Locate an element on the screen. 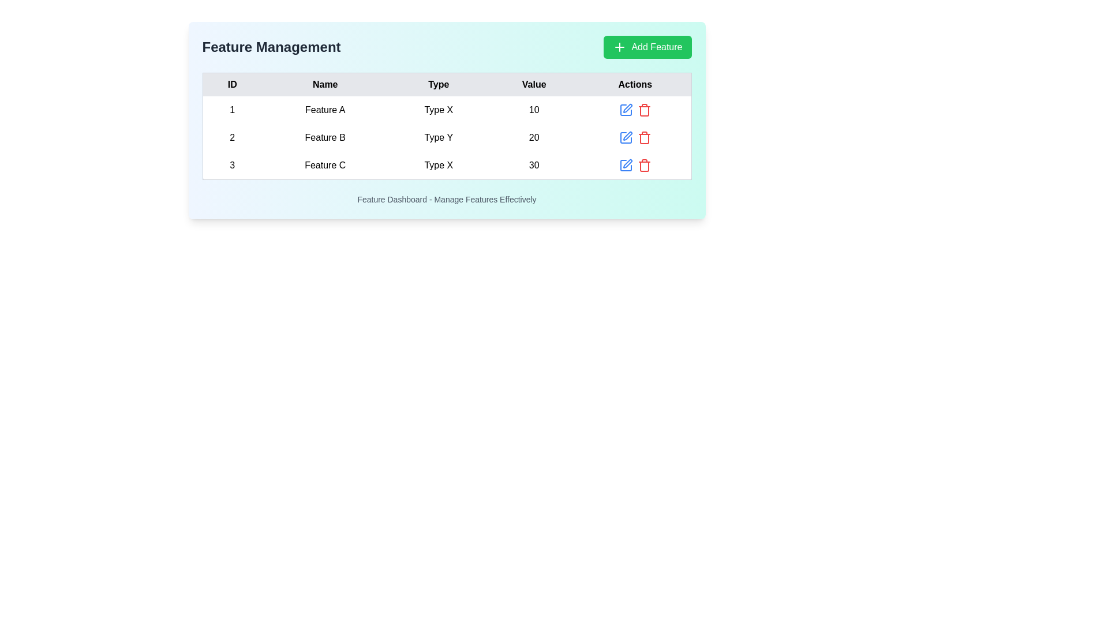 The height and width of the screenshot is (623, 1108). the numeric value '20' in the 'Value' column of the feature management interface, which is part of the second row corresponding to 'Feature B' is located at coordinates (533, 137).